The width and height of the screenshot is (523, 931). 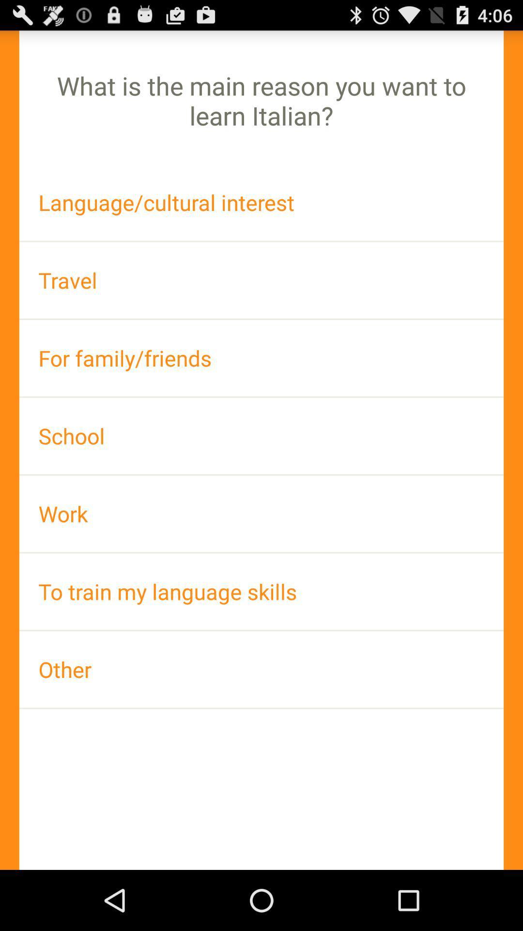 What do you see at coordinates (261, 357) in the screenshot?
I see `the for family/friends item` at bounding box center [261, 357].